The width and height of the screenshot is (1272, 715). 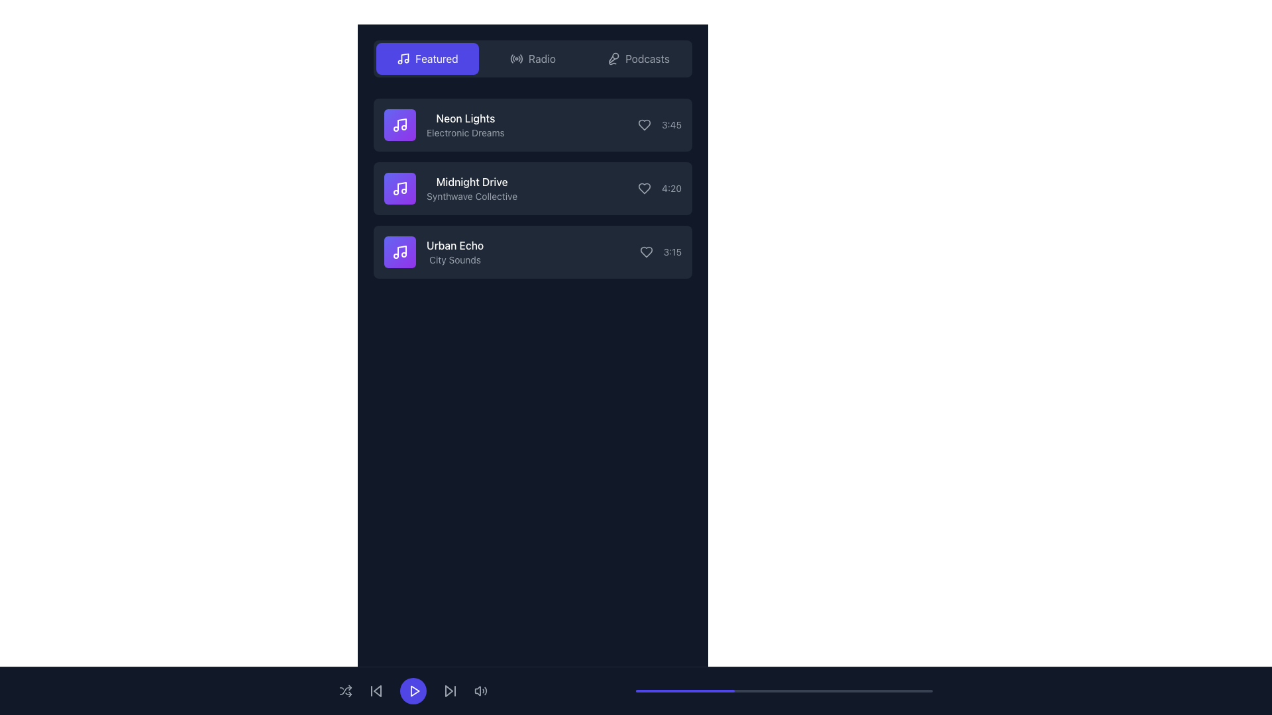 I want to click on the curved stroke of the music note icon located to the left of the title 'Neon Lights'. This is part of the main vertical line and upper note portion of the icon, so click(x=401, y=124).